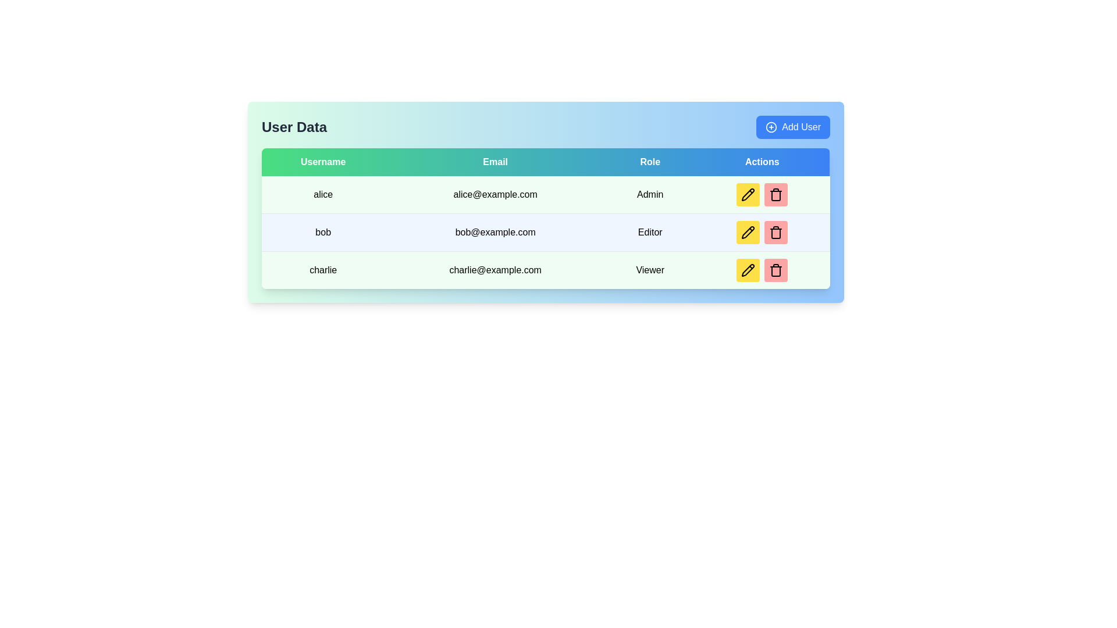  What do you see at coordinates (649, 233) in the screenshot?
I see `the static text element displaying 'Editor' in the Role column of the table, which is aligned under the 'Role' header and is the third item in the row containing user 'bob'` at bounding box center [649, 233].